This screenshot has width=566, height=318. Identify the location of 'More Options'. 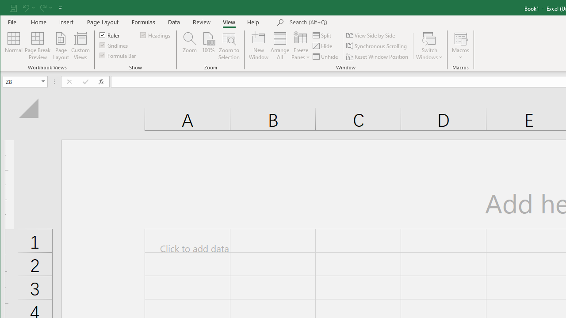
(460, 54).